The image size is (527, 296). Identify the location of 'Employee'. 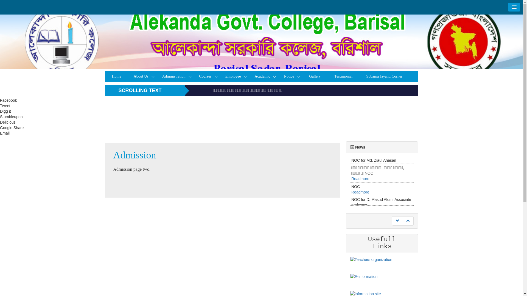
(234, 76).